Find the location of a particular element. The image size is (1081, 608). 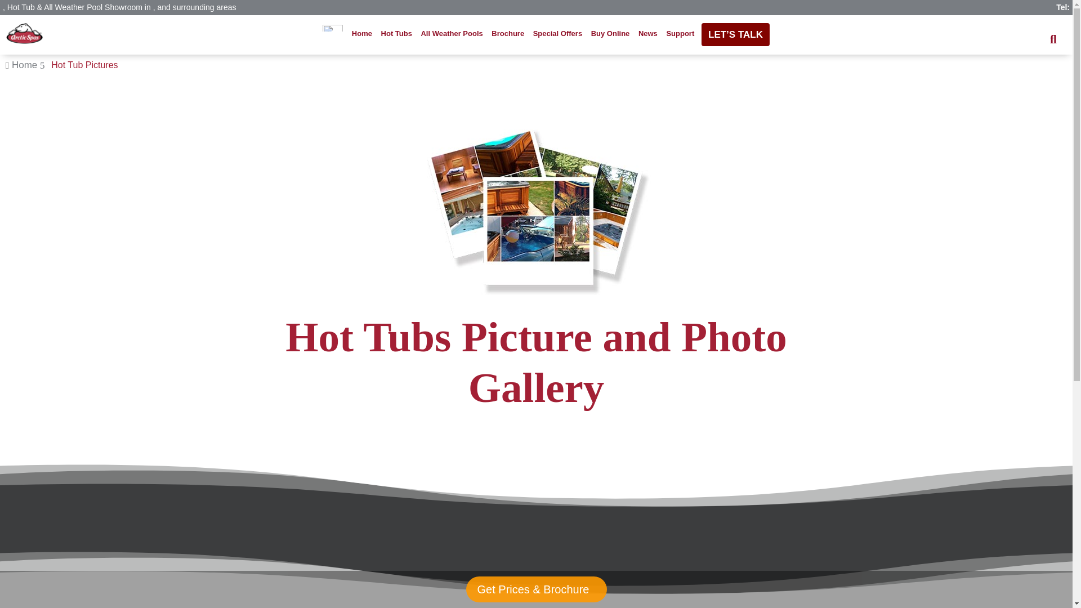

'Buy Online' is located at coordinates (609, 33).